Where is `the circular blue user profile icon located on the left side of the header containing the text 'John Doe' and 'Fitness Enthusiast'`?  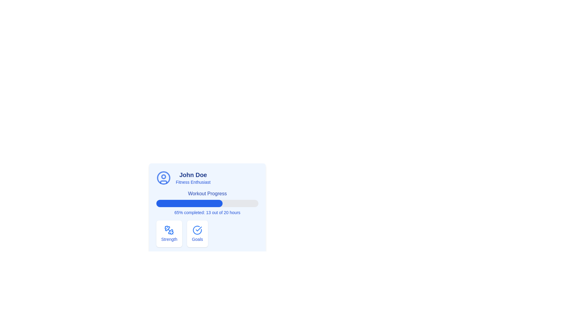
the circular blue user profile icon located on the left side of the header containing the text 'John Doe' and 'Fitness Enthusiast' is located at coordinates (163, 178).